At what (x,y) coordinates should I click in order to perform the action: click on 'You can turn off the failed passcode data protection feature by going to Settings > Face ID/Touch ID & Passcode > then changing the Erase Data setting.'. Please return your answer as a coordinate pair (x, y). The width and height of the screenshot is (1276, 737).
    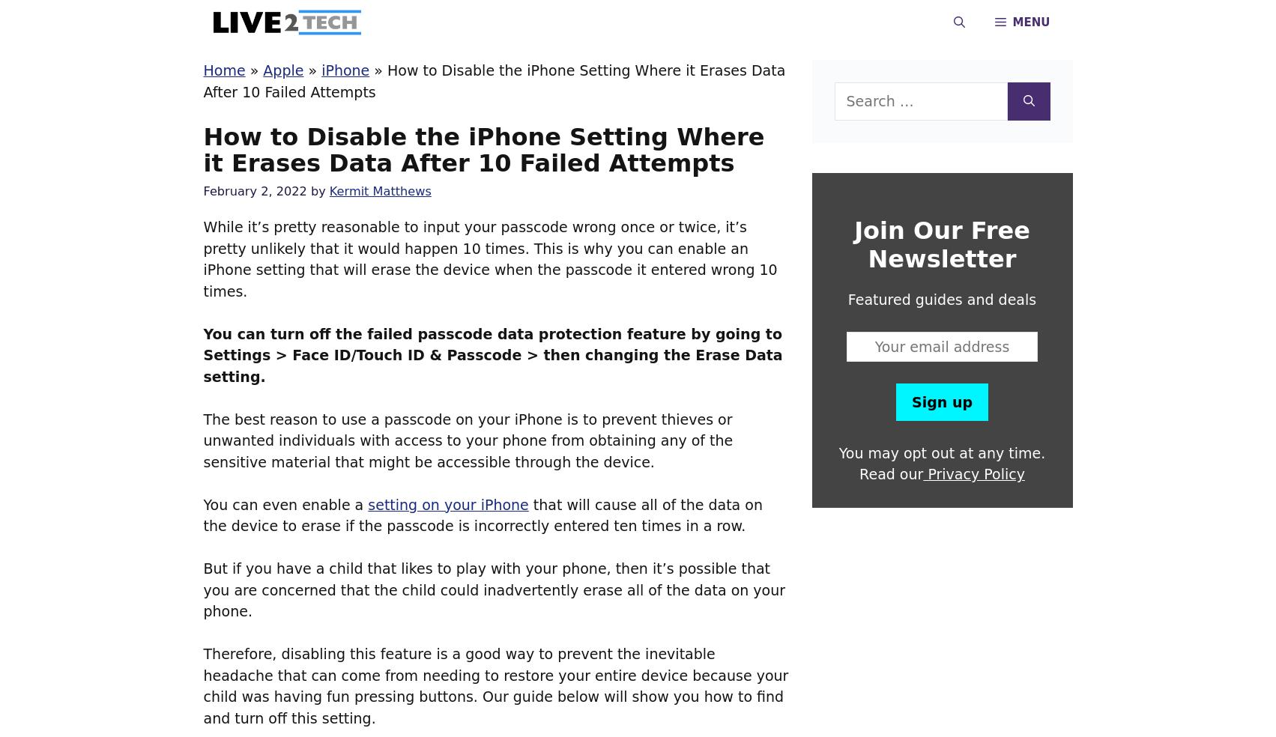
    Looking at the image, I should click on (202, 354).